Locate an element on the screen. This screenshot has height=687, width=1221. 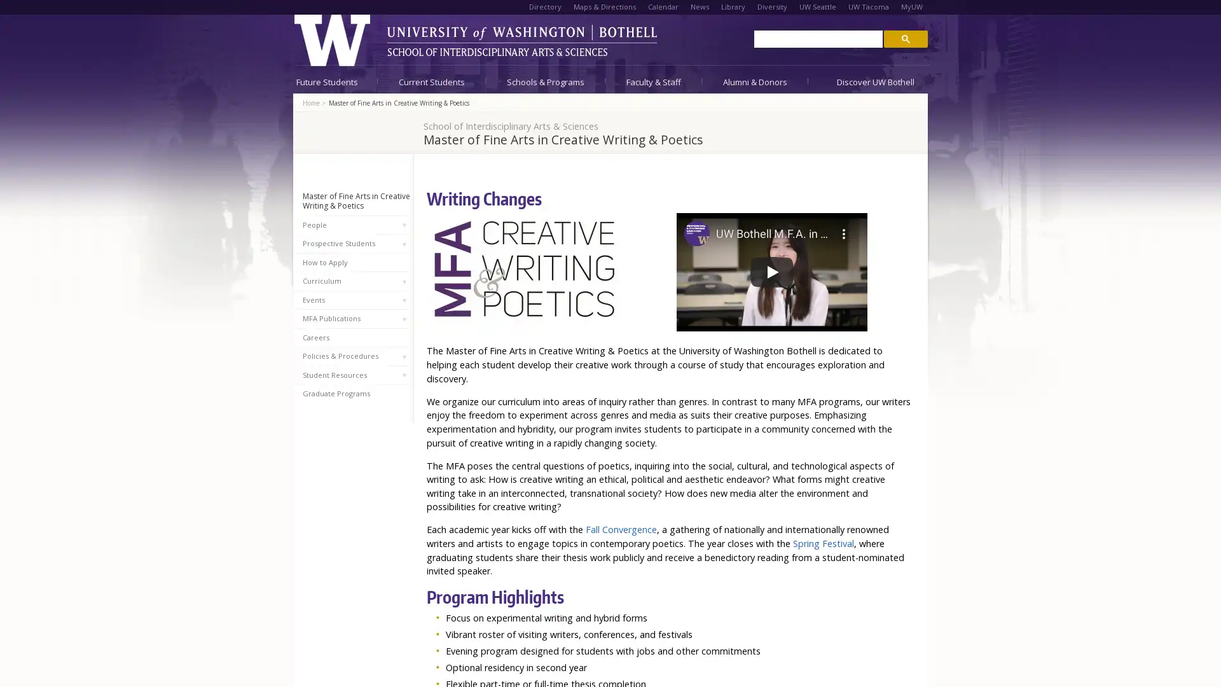
Prospective Students Submenu is located at coordinates (404, 244).